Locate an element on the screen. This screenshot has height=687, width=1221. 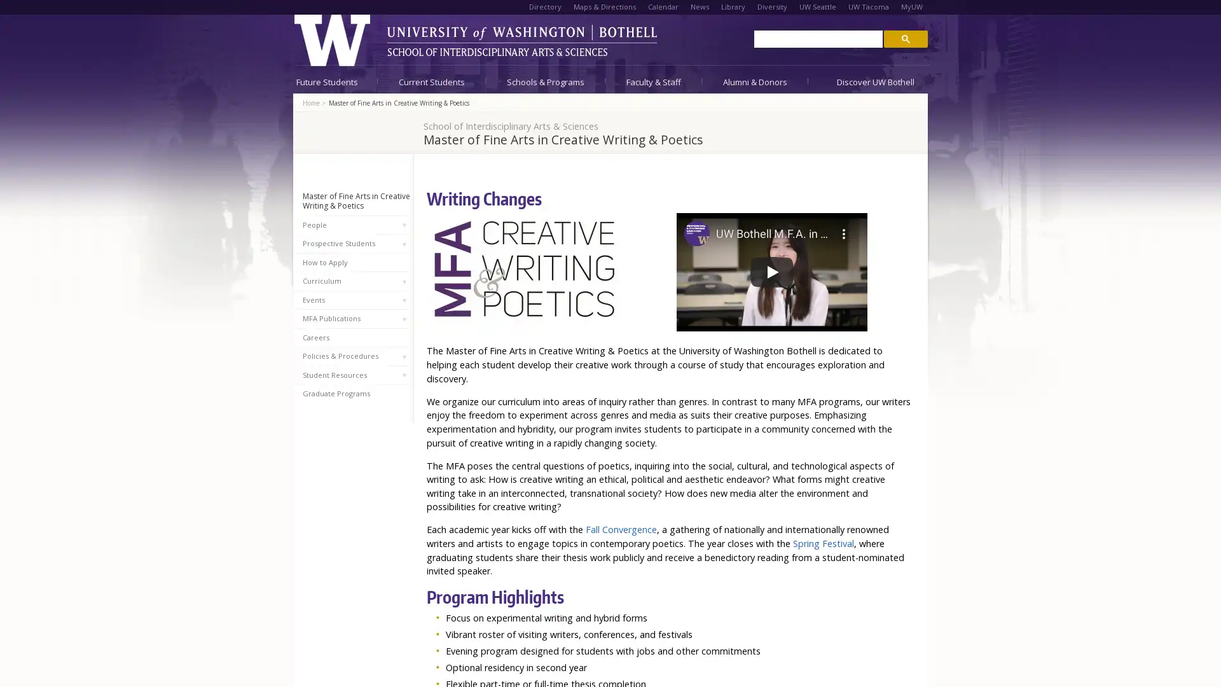
Prospective Students Submenu is located at coordinates (404, 244).